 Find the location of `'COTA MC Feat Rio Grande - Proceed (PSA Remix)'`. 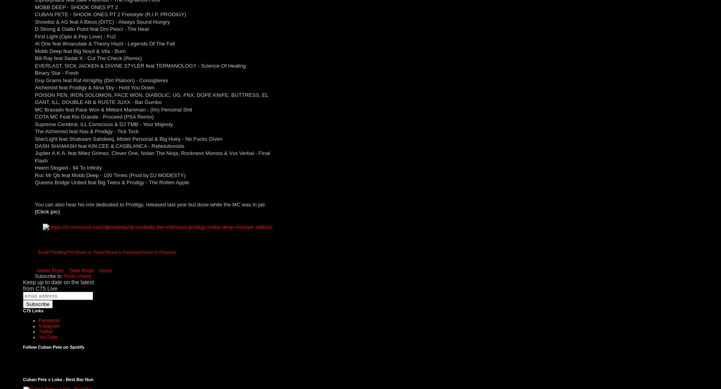

'COTA MC Feat Rio Grande - Proceed (PSA Remix)' is located at coordinates (94, 116).